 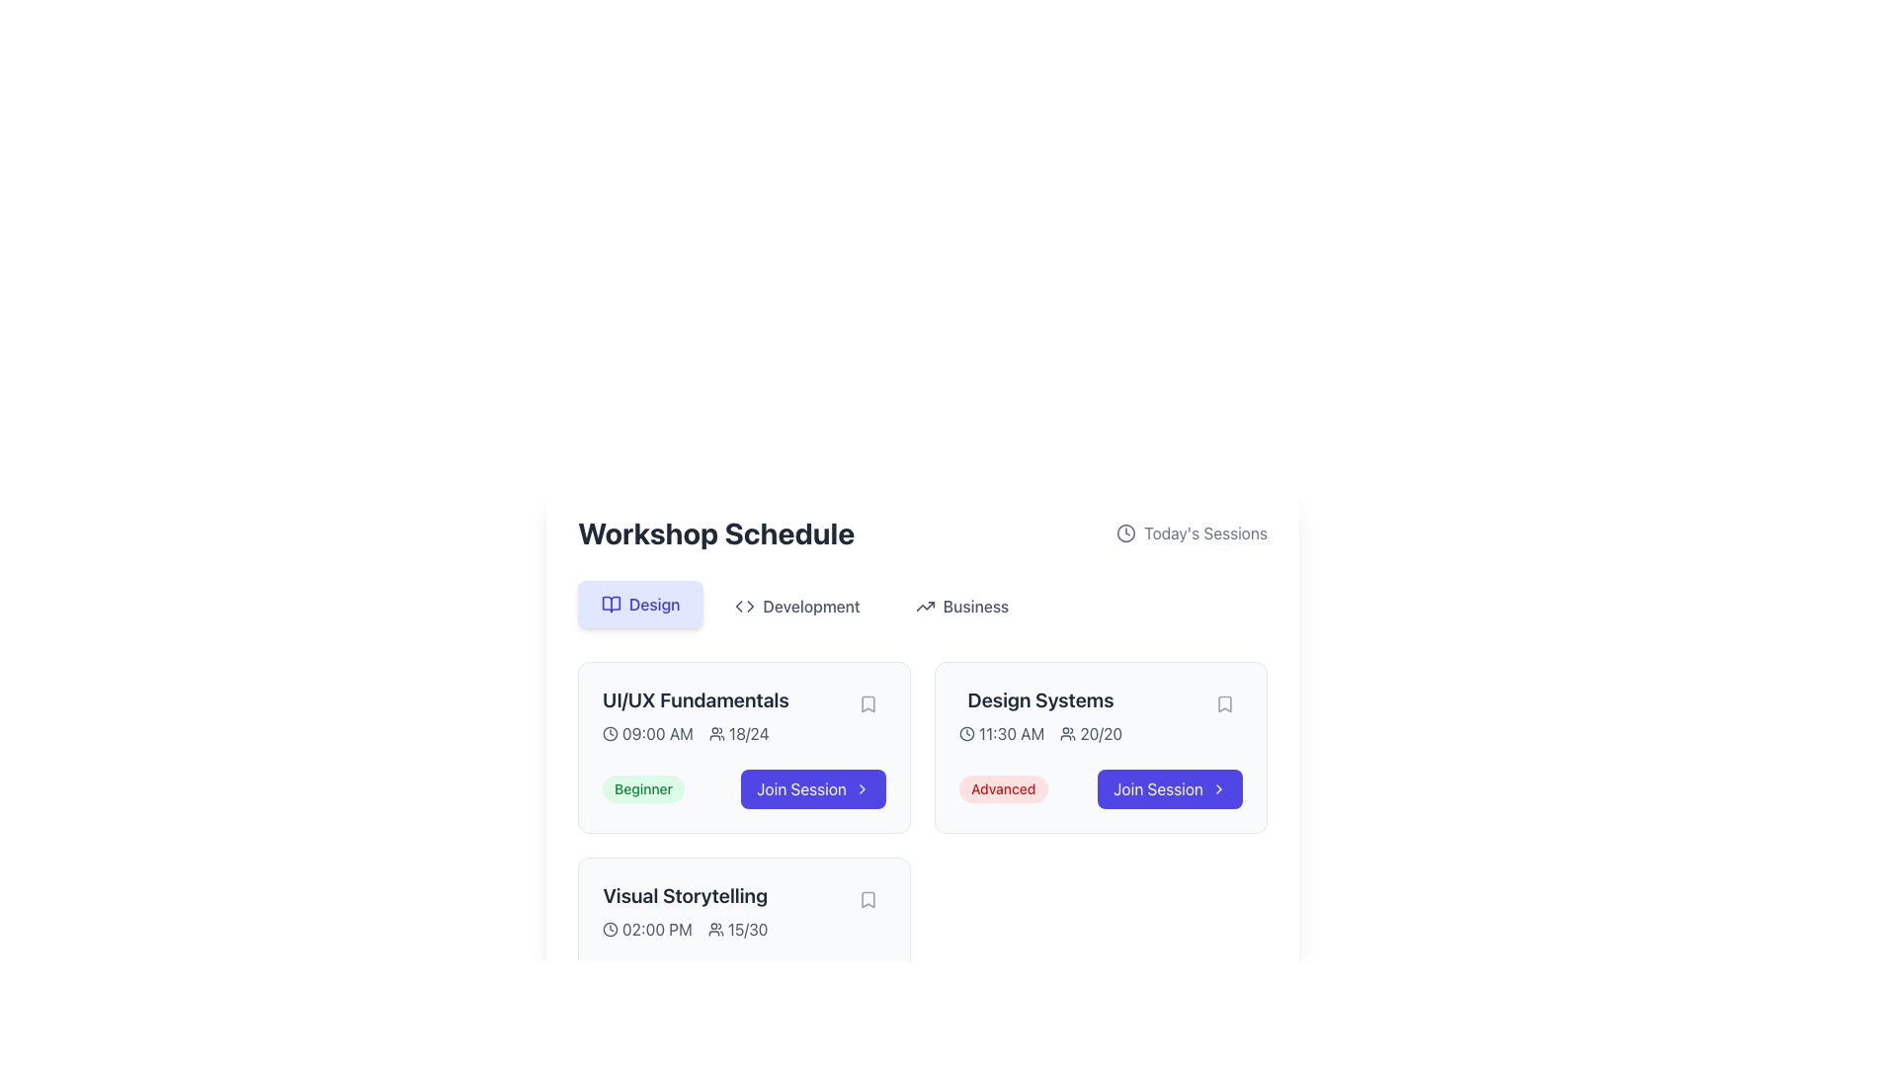 I want to click on the icon depicting a group of people located to the left of the text '15/30' in the second row of the schedule titled 'Visual Storytelling', so click(x=714, y=930).